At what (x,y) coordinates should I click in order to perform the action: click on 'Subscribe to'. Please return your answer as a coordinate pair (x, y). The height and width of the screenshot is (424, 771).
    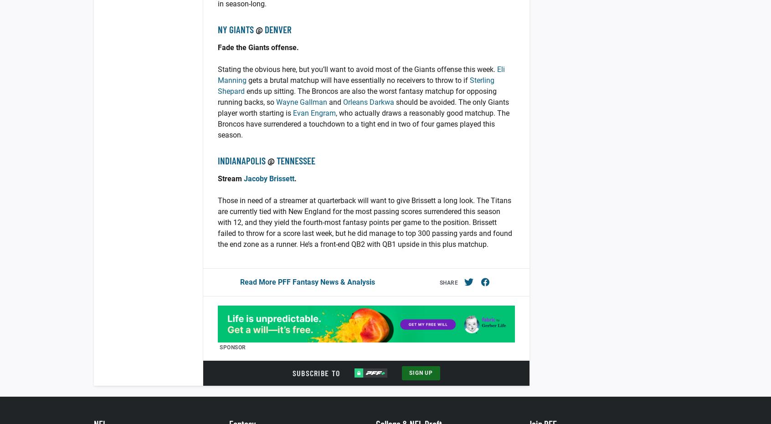
    Looking at the image, I should click on (316, 373).